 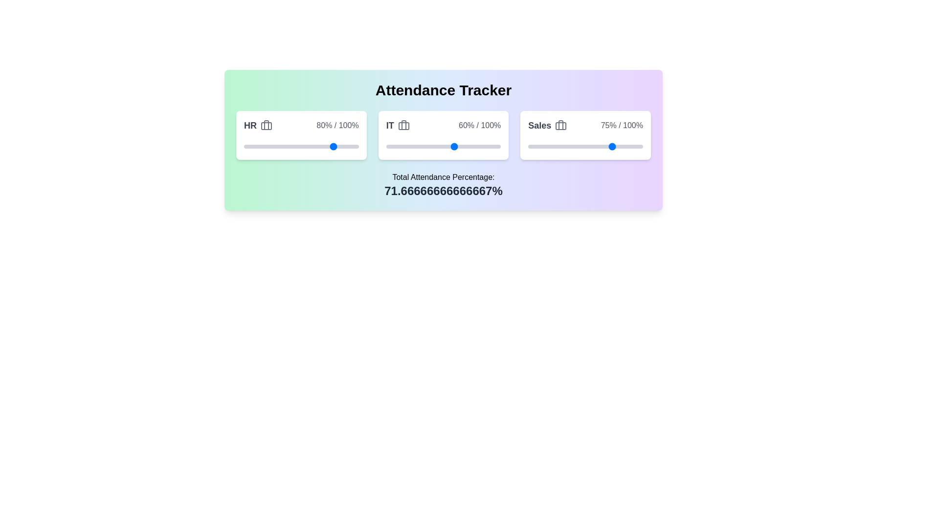 What do you see at coordinates (285, 147) in the screenshot?
I see `the HR slider` at bounding box center [285, 147].